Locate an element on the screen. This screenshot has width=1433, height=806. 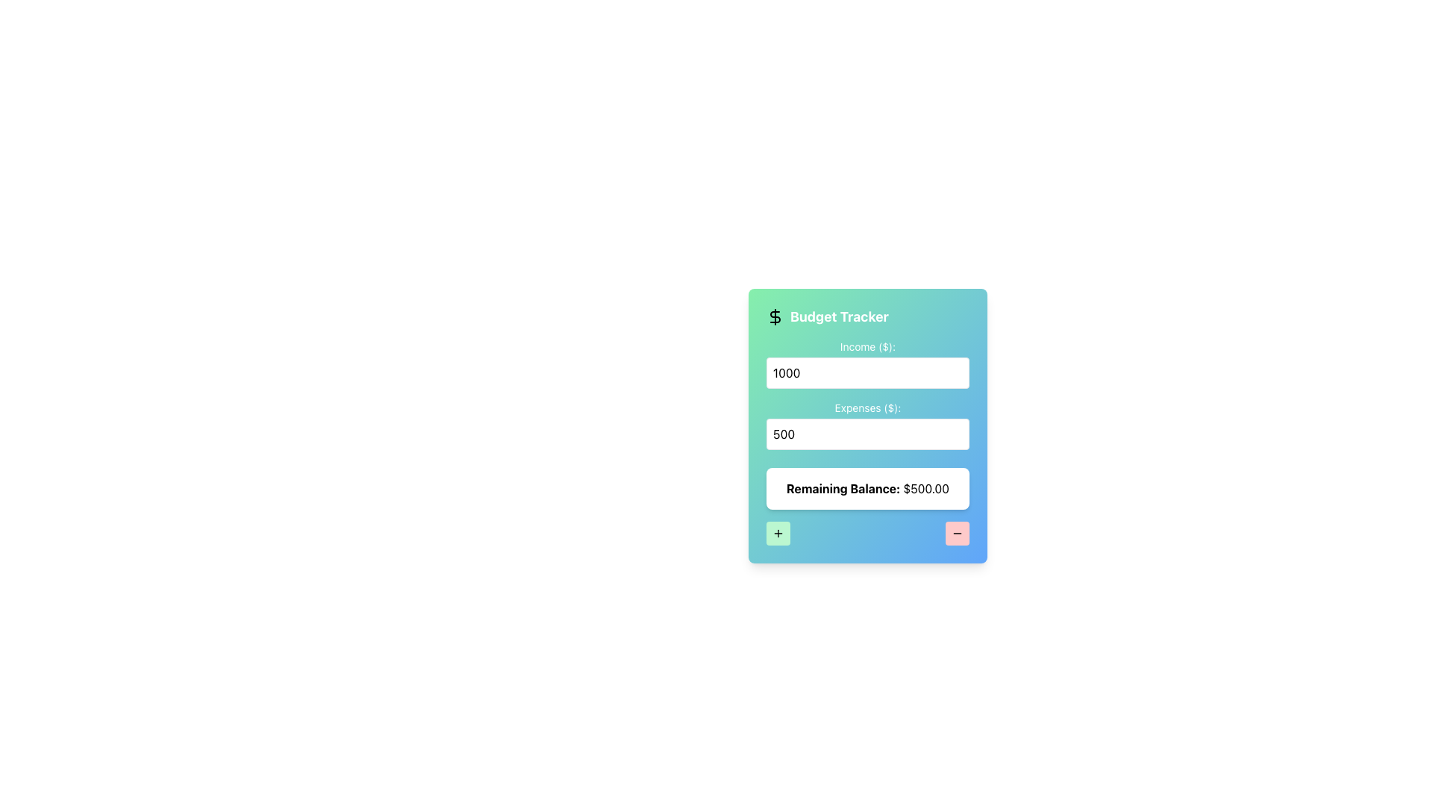
the rounded rectangular button with a pale red background and a minus symbol icon is located at coordinates (957, 532).